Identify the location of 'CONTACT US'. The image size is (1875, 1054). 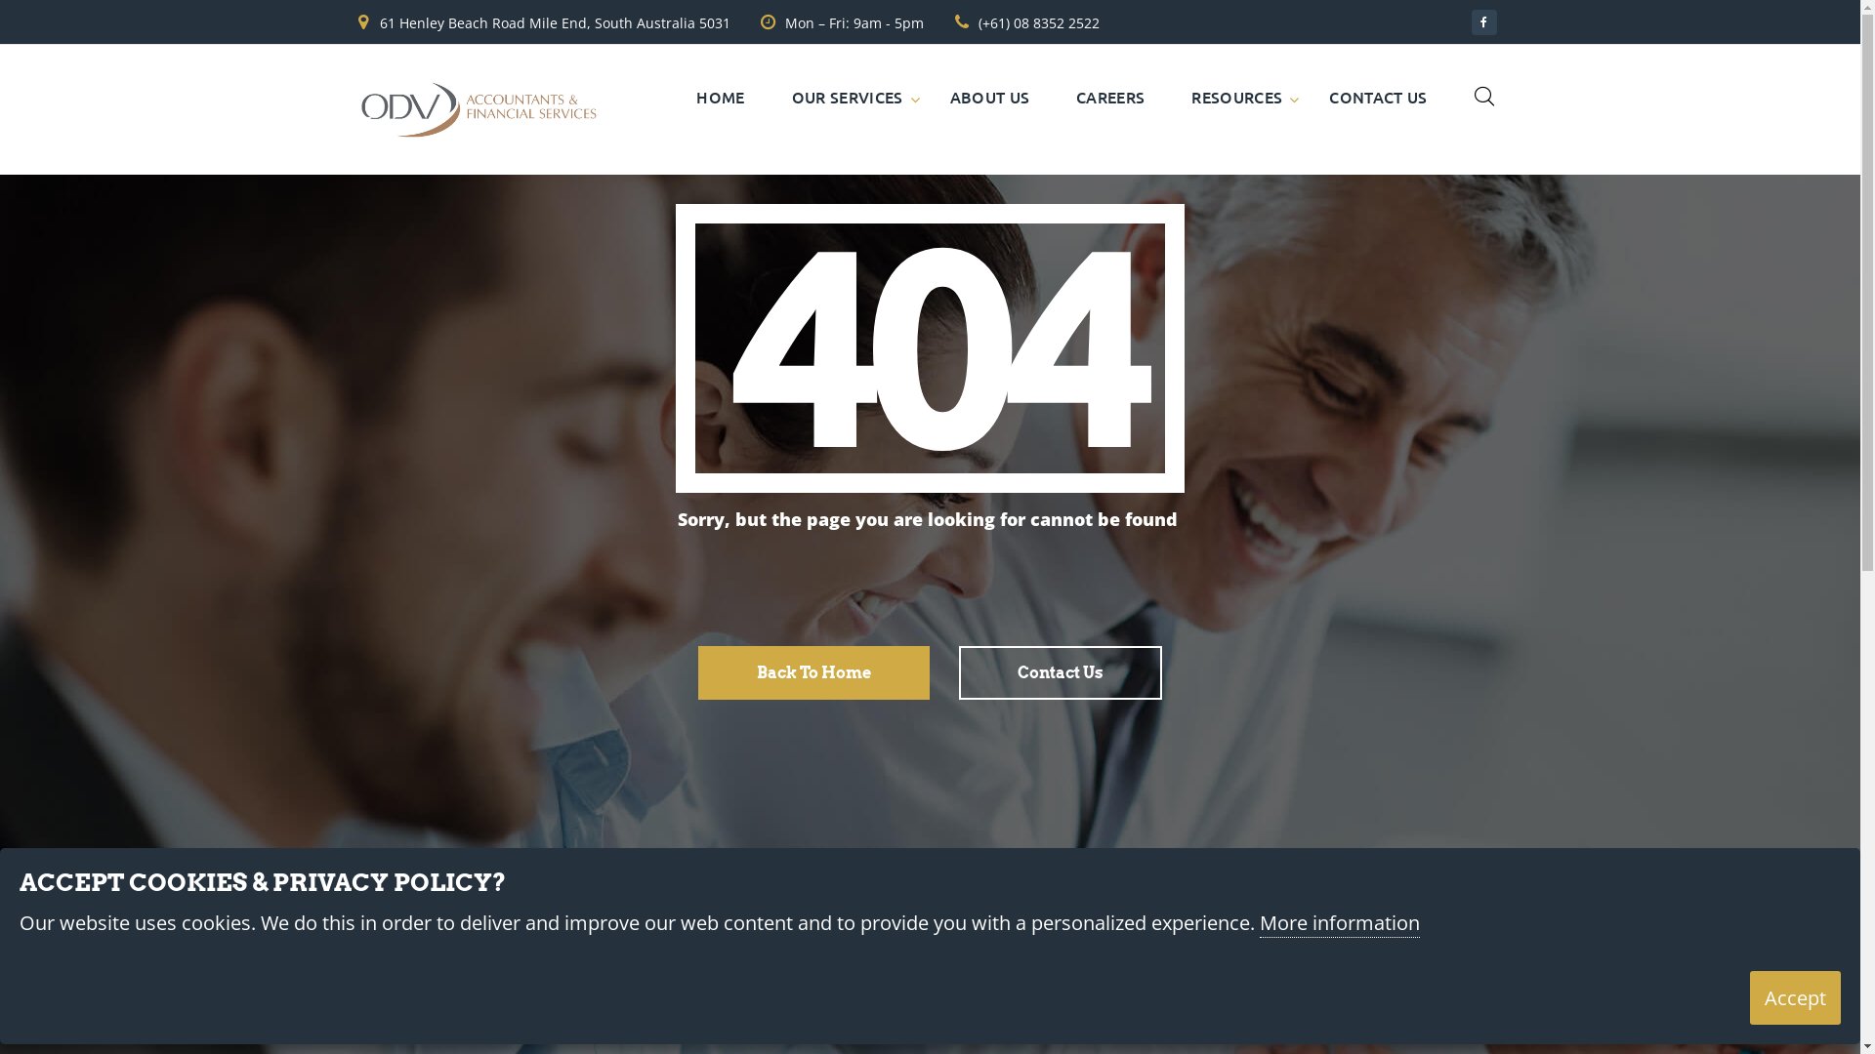
(1377, 97).